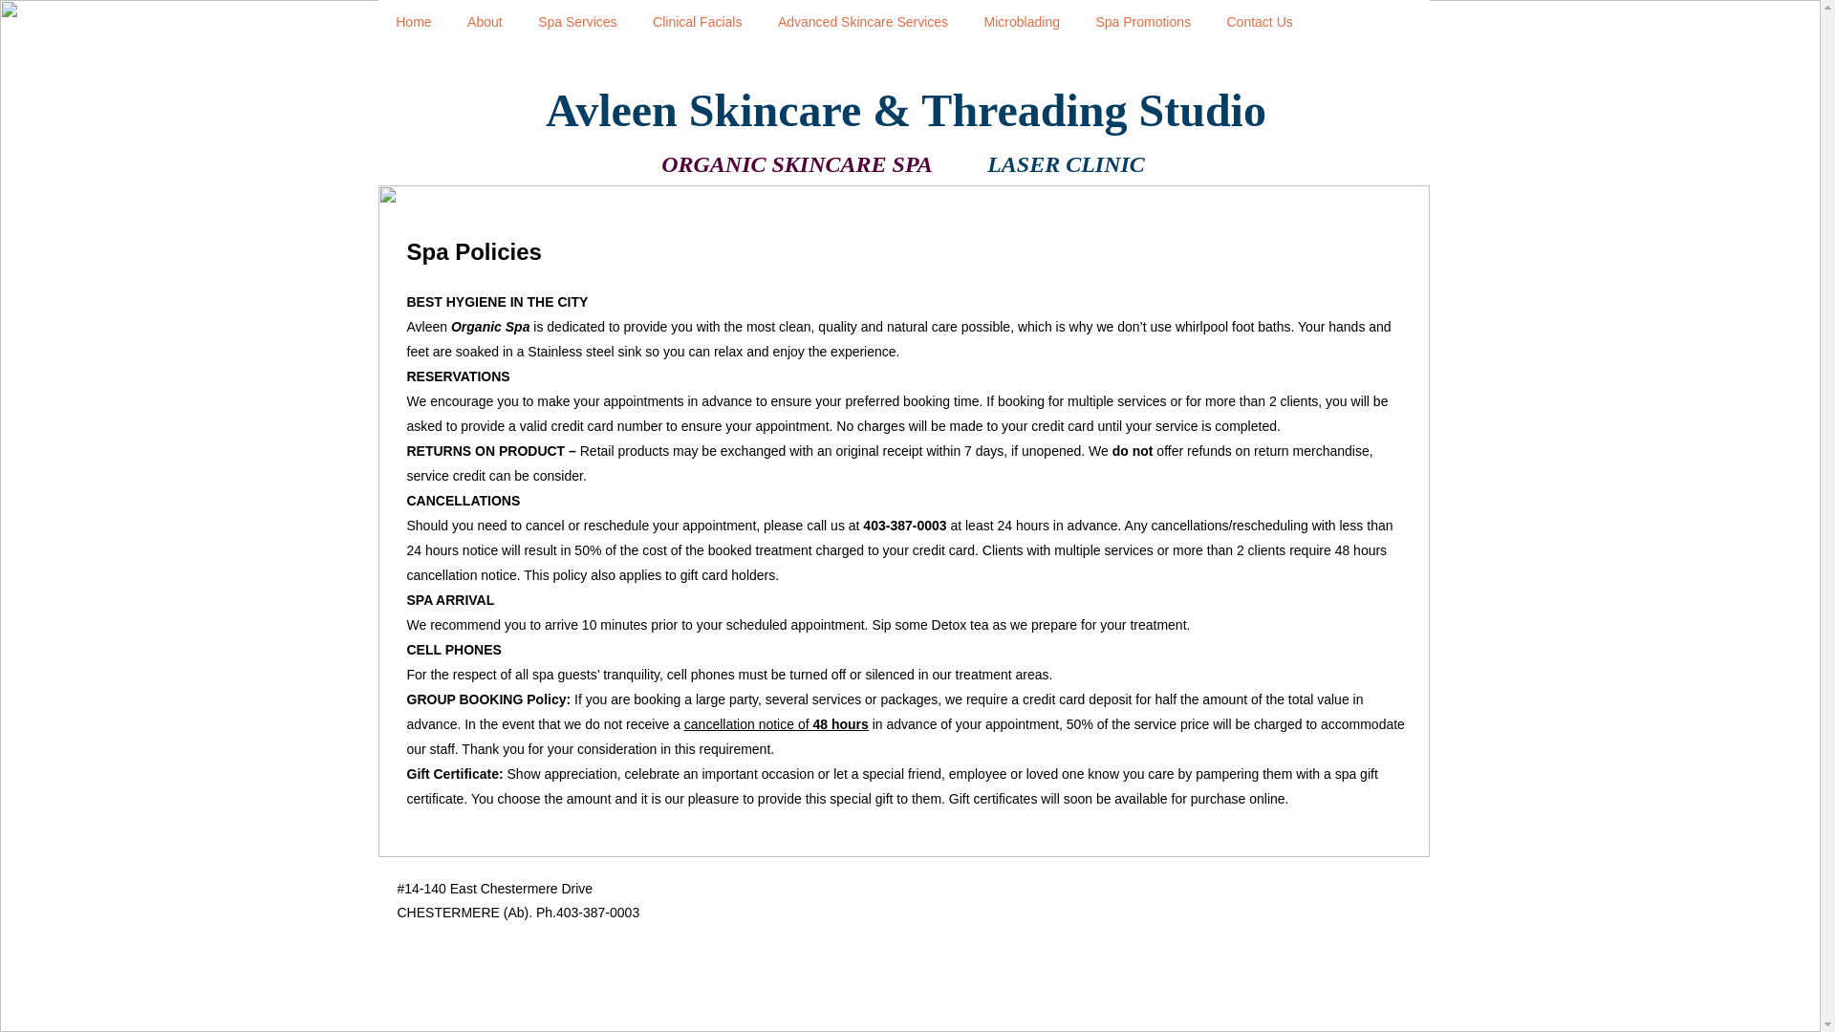 The image size is (1835, 1032). What do you see at coordinates (1260, 22) in the screenshot?
I see `'Contact Us'` at bounding box center [1260, 22].